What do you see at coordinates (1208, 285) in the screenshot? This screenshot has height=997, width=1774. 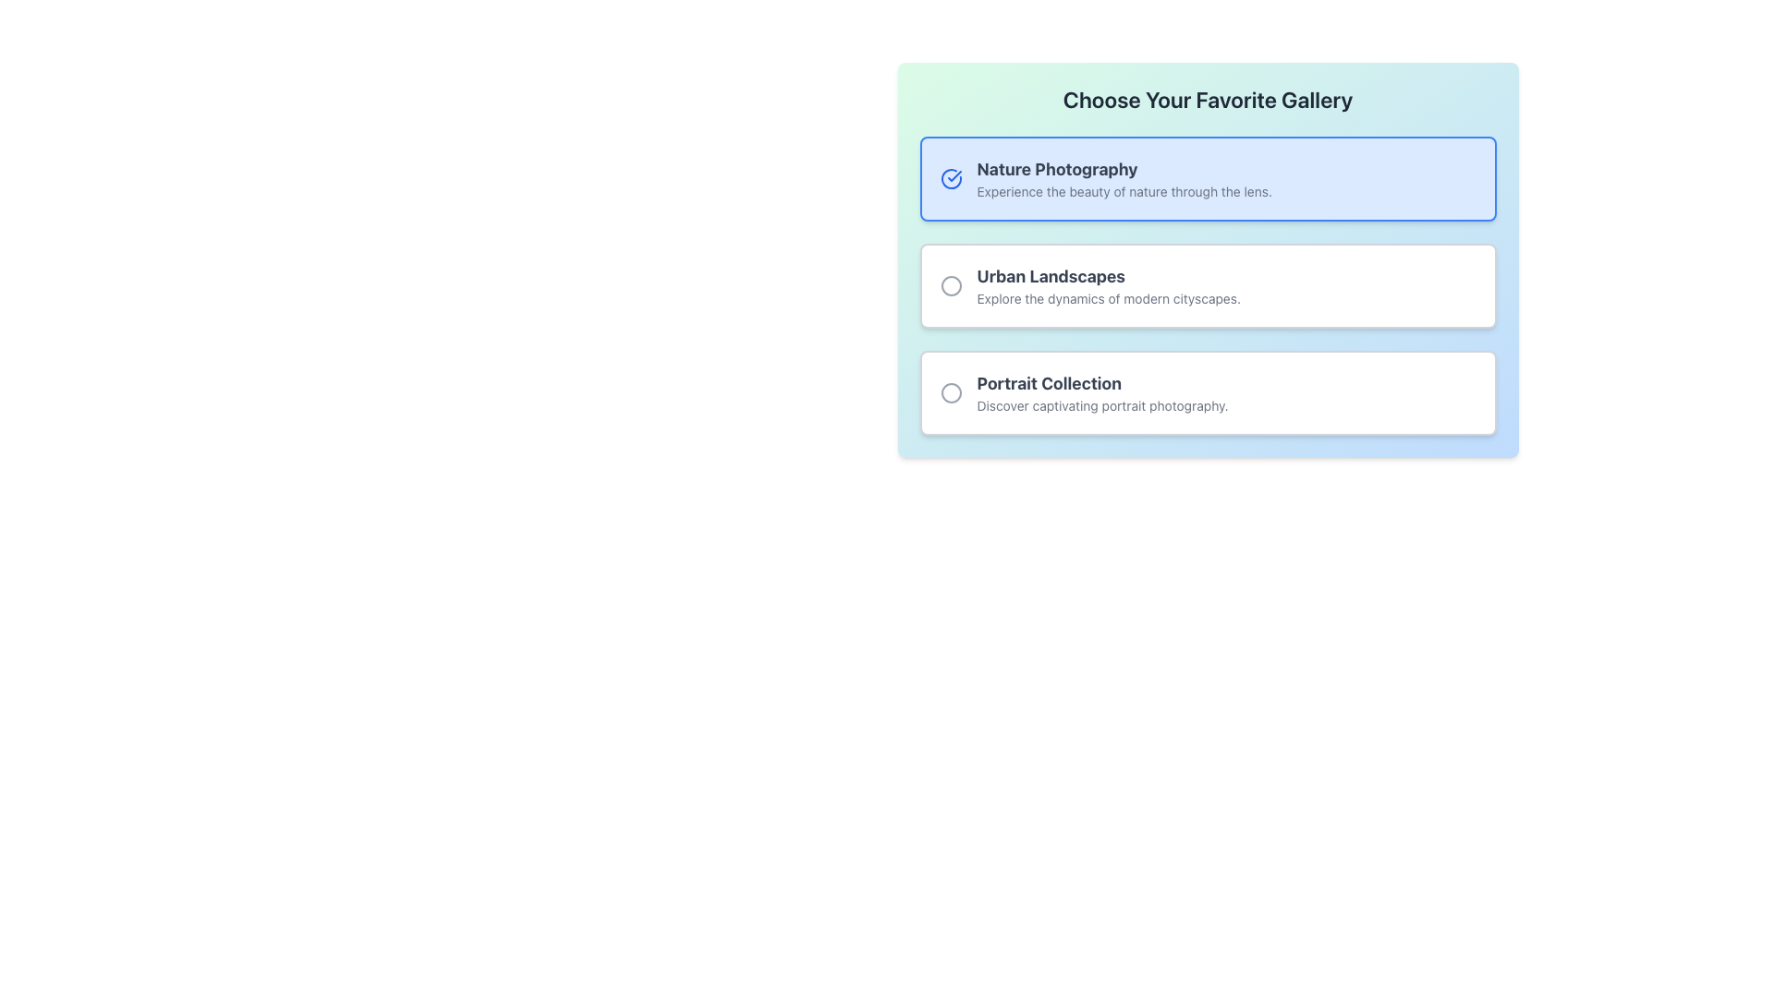 I see `the 'Urban Landscapes' interactive card option in the gallery selection interface to trigger a scale animation` at bounding box center [1208, 285].